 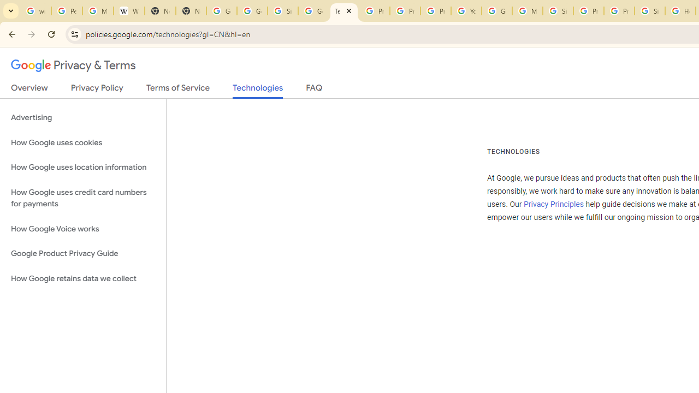 I want to click on 'Google Drive: Sign-in', so click(x=252, y=11).